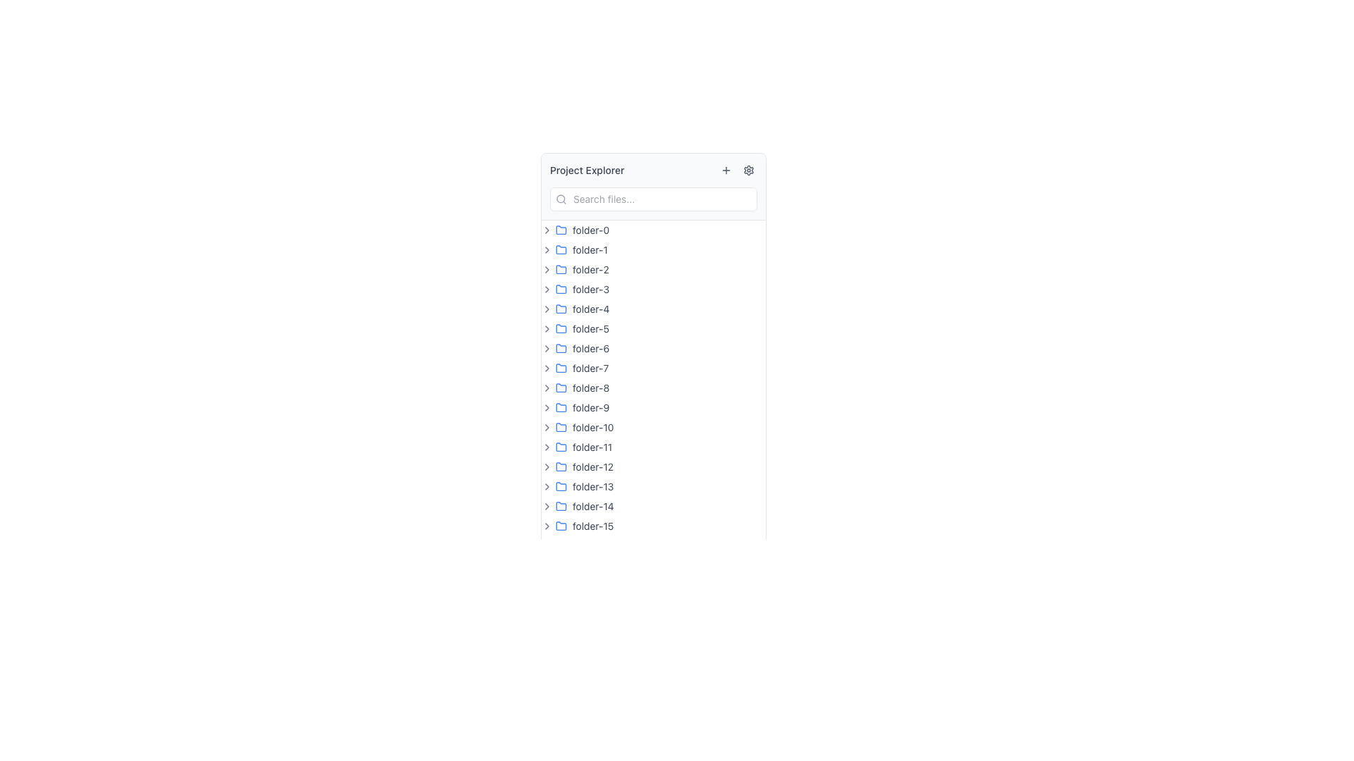 The height and width of the screenshot is (761, 1354). What do you see at coordinates (561, 269) in the screenshot?
I see `the blue outline folder icon located to the left of the text label 'folder-2' in the Project Explorer list` at bounding box center [561, 269].